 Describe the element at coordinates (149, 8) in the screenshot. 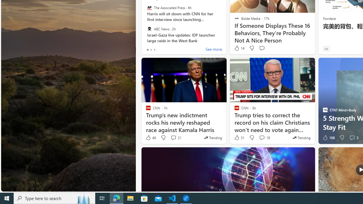

I see `'The Associated Press'` at that location.